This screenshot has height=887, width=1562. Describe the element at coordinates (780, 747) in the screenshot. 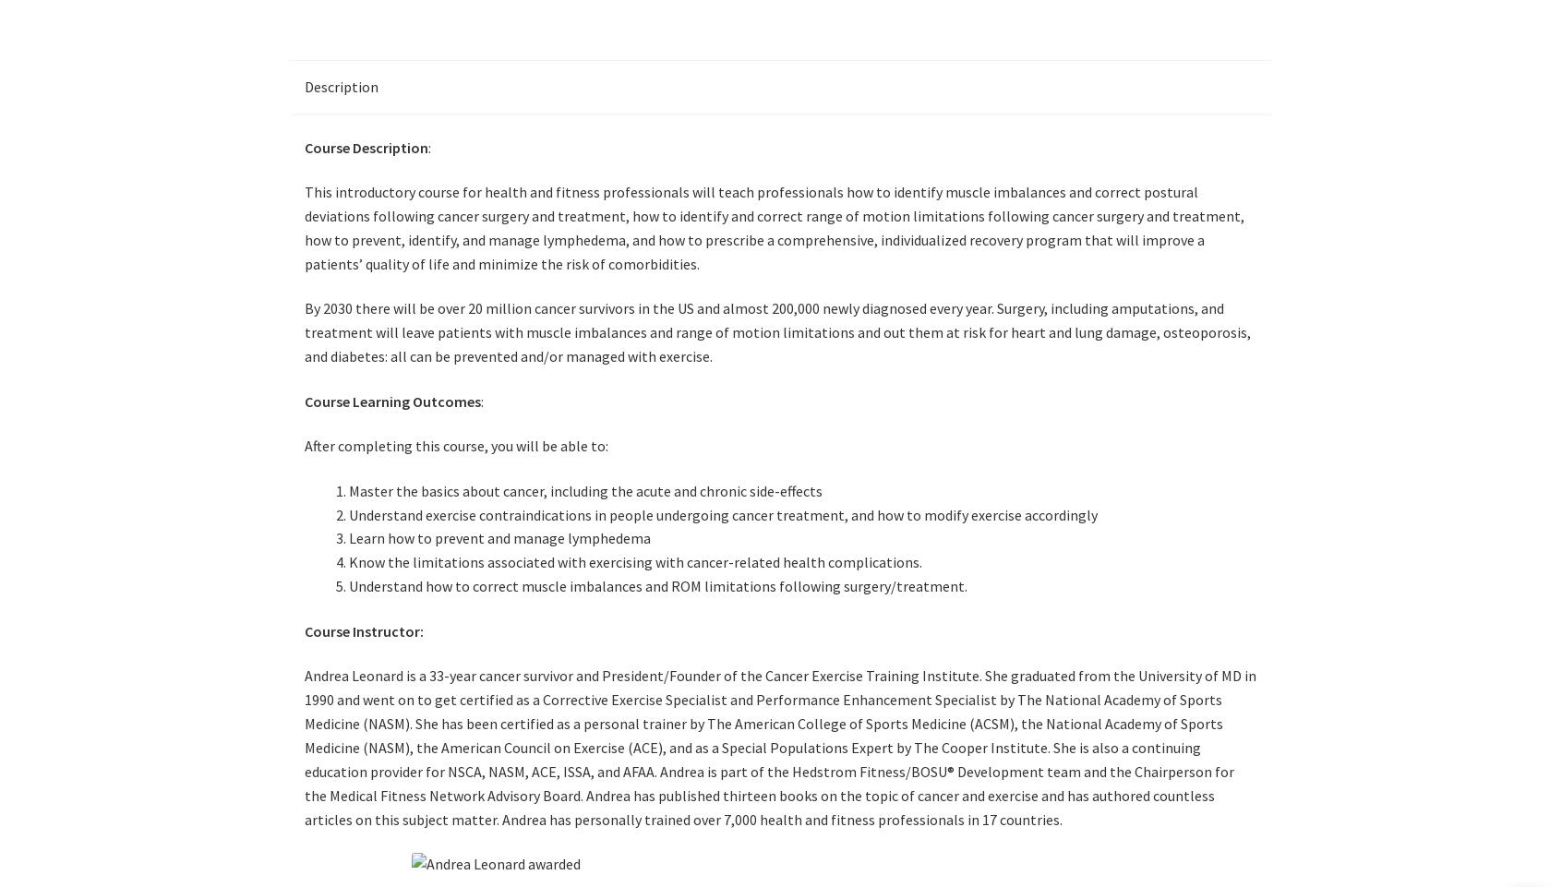

I see `'Andrea Leonard is a 33-year cancer survivor and President/Founder of the Cancer Exercise Training Institute. She graduated from the University of MD in 1990 and went on to get certified as a Corrective Exercise Specialist and Performance Enhancement Specialist by The National Academy of Sports Medicine (NASM). She has been certified as a personal trainer by The American College of Sports Medicine (ACSM), the National Academy of Sports Medicine (NASM), the American Council on Exercise (ACE), and as a Special Populations Expert by The Cooper Institute. She is also a continuing education provider for NSCA, NASM, ACE, ISSA, and AFAA. Andrea is part of the Hedstrom Fitness/BOSU® Development team and the Chairperson for the Medical Fitness Network Advisory Board. Andrea has published thirteen books on the topic of cancer and exercise and has authored countless articles on this subject matter. Andrea has personally trained over 7,000 health and fitness professionals in 17 countries.'` at that location.